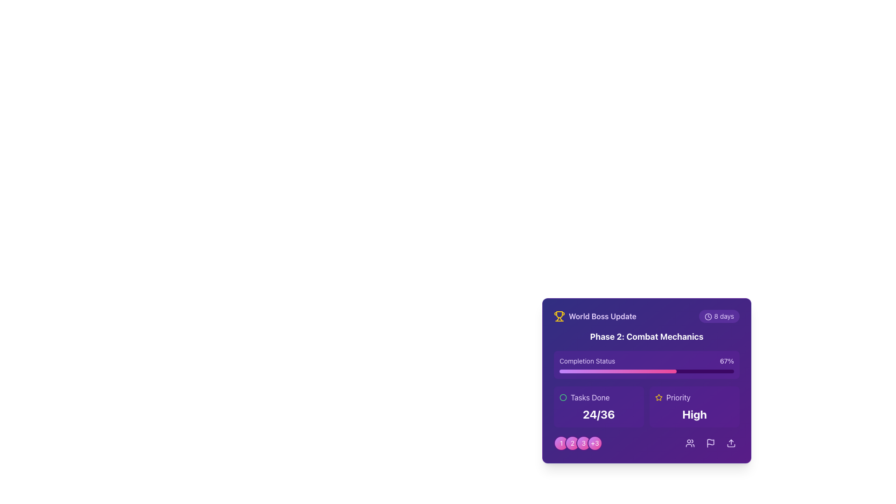 The image size is (896, 504). I want to click on the flag icon located at the bottom right corner of the card interface, which serves as a visual indicator for marking or flagging items for attention, so click(710, 441).